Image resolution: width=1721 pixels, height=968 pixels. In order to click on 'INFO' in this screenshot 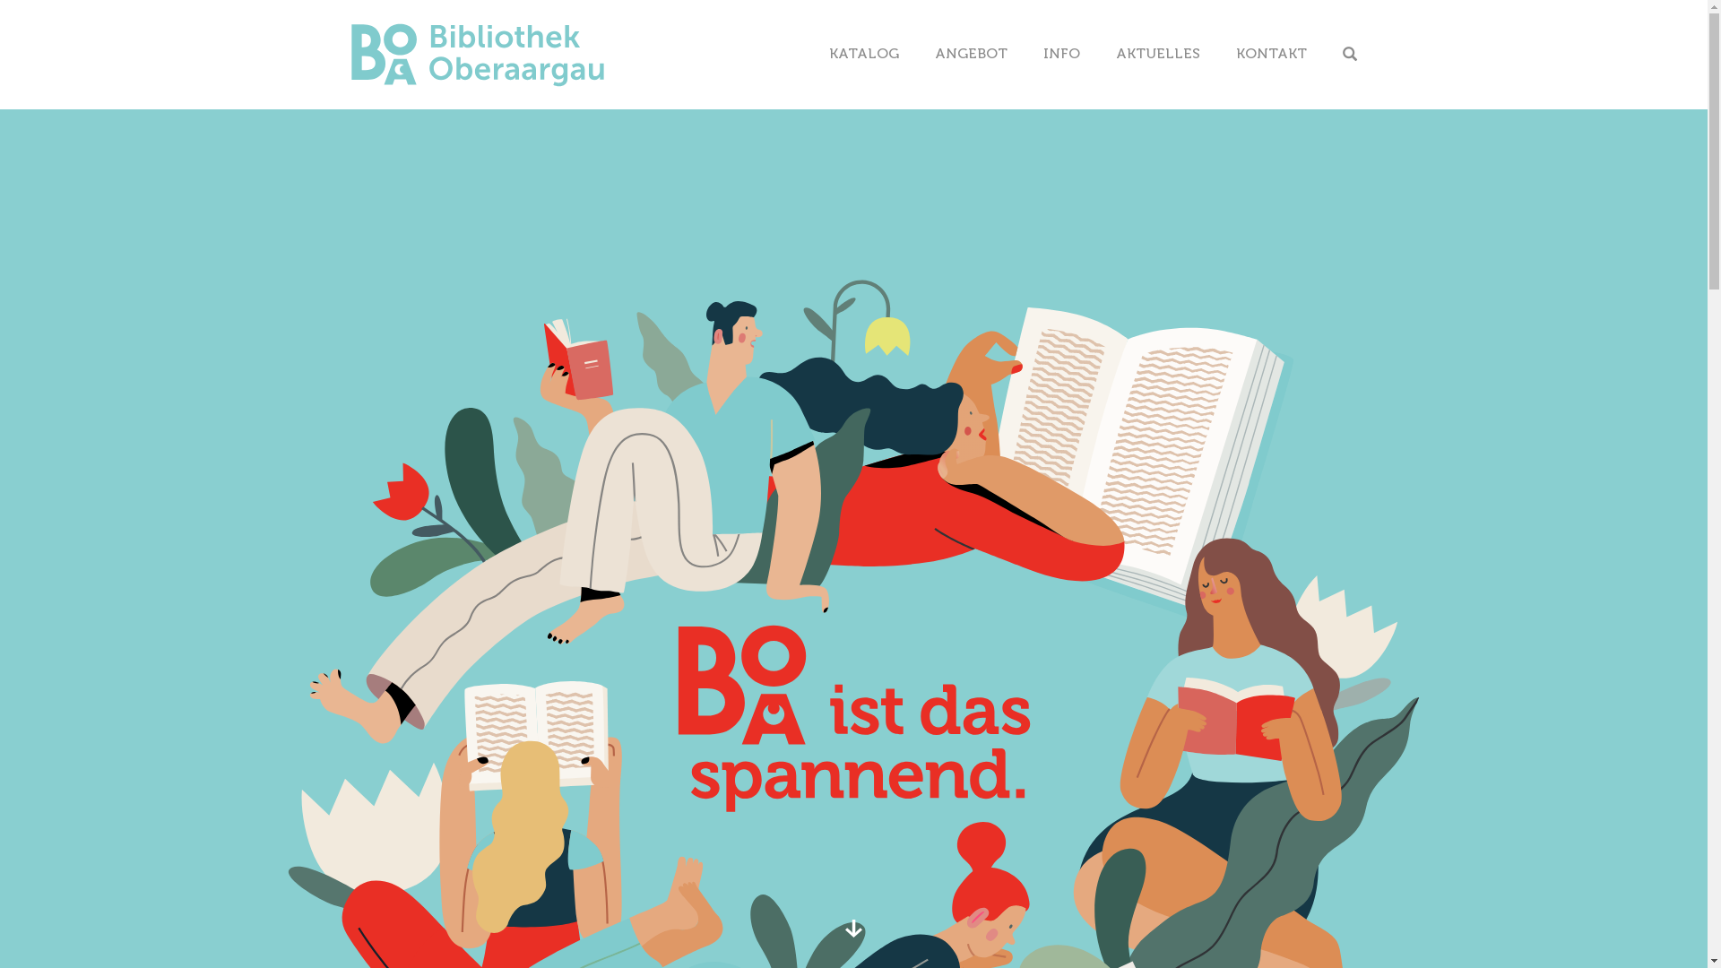, I will do `click(1061, 53)`.